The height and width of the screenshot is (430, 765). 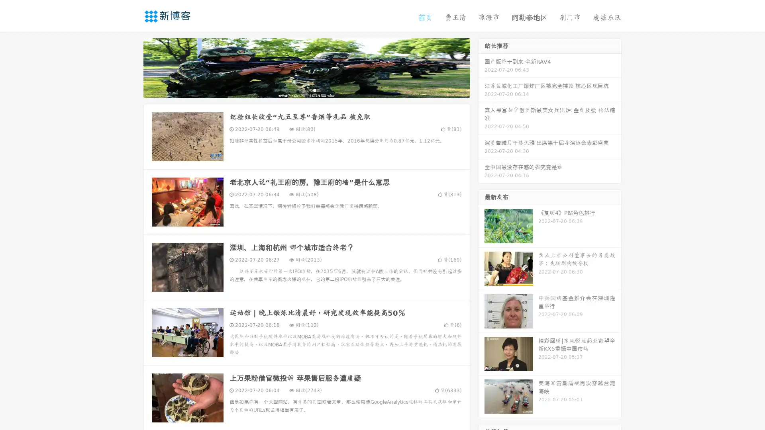 What do you see at coordinates (298, 90) in the screenshot?
I see `Go to slide 1` at bounding box center [298, 90].